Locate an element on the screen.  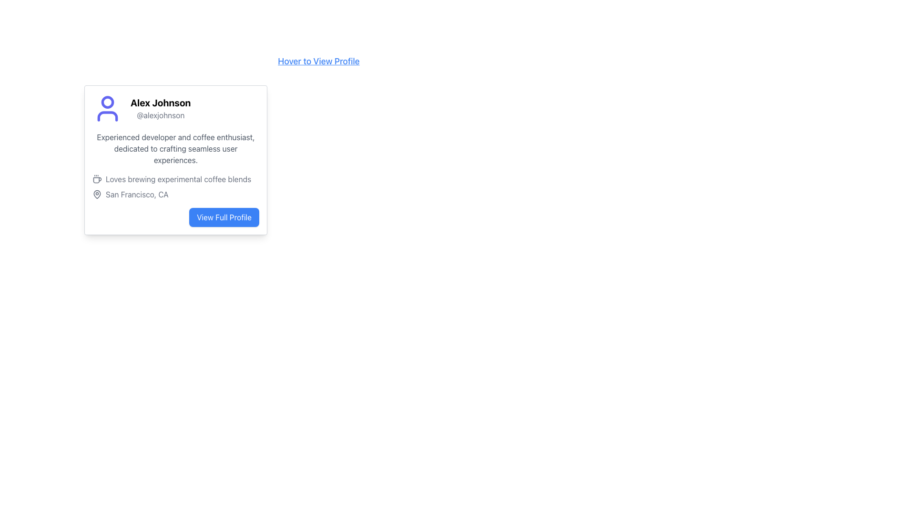
the Static Text Label indicating the user profile location, positioned below the 'Loves brewing experimental coffee blends.' text and adjacent to a map pin icon is located at coordinates (136, 194).